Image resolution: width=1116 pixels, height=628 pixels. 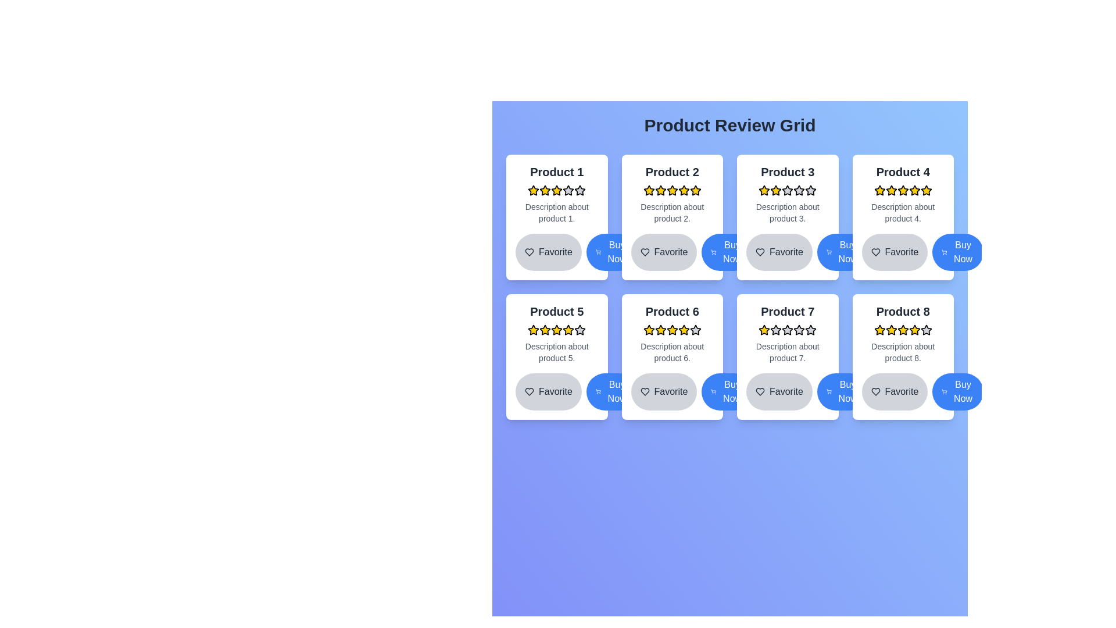 I want to click on the text label reading 'Description about product 6.' which is centrally positioned below the title 'Product 6' and the star rating within the card layout, so click(x=672, y=351).